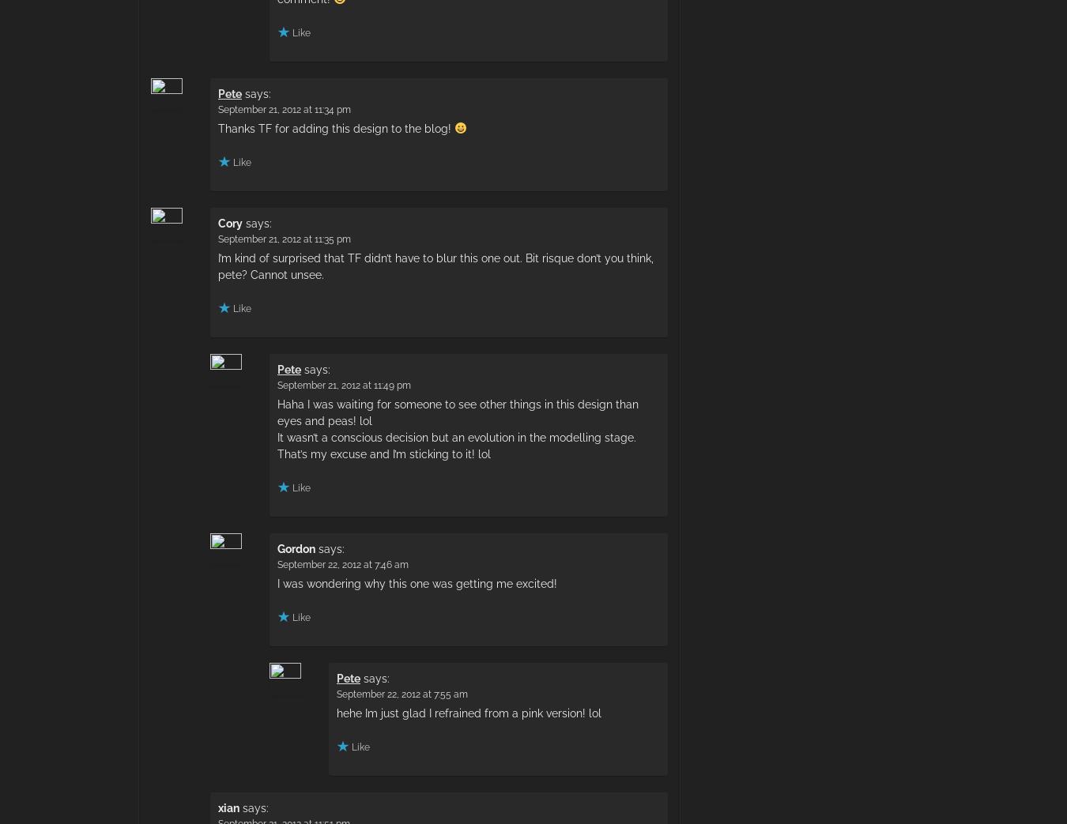 The height and width of the screenshot is (824, 1067). Describe the element at coordinates (296, 548) in the screenshot. I see `'Gordon'` at that location.